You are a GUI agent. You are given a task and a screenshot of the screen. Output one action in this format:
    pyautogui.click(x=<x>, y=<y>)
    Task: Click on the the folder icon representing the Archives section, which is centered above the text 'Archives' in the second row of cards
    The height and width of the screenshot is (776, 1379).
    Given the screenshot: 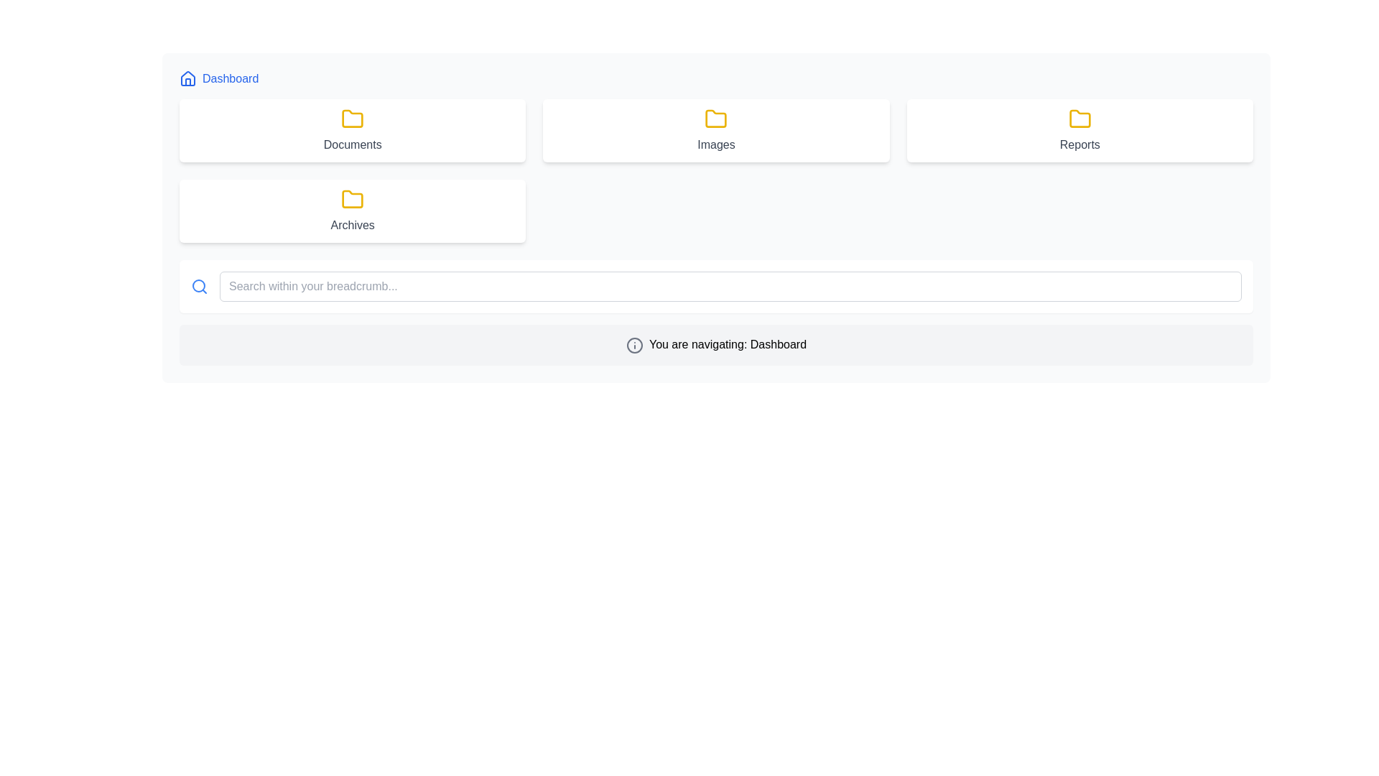 What is the action you would take?
    pyautogui.click(x=353, y=199)
    